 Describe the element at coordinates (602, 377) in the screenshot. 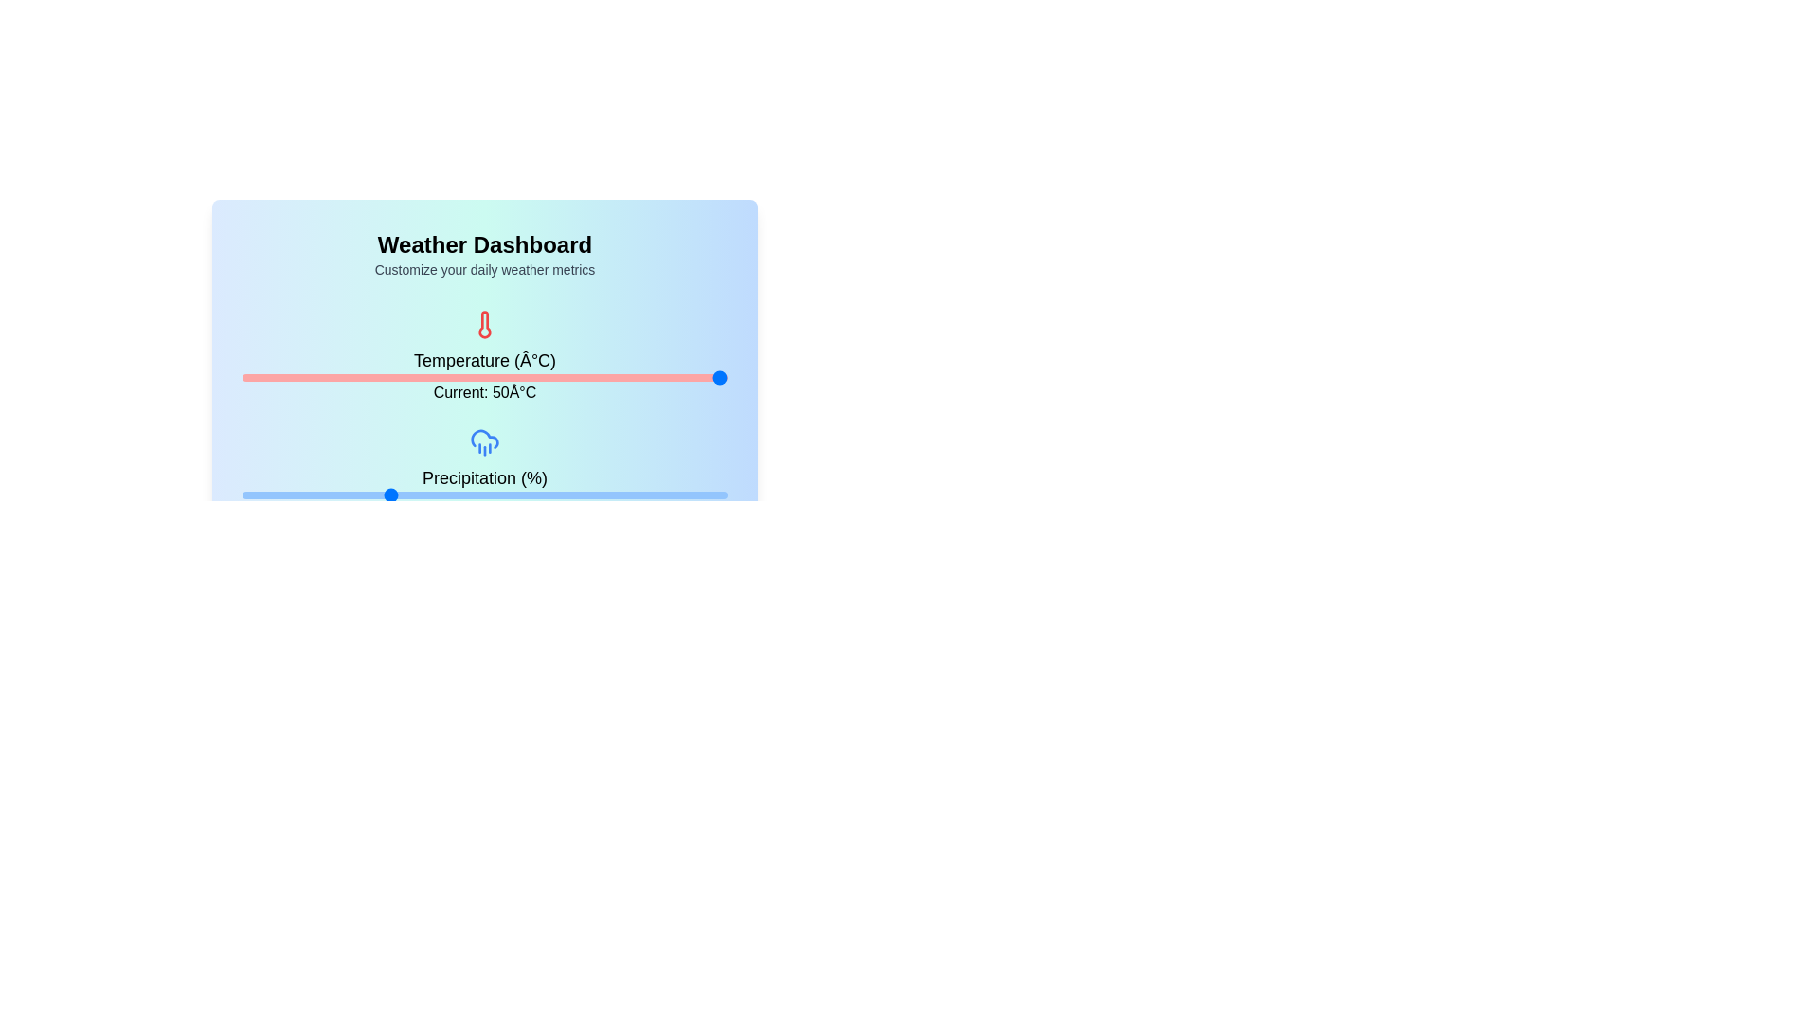

I see `temperature` at that location.